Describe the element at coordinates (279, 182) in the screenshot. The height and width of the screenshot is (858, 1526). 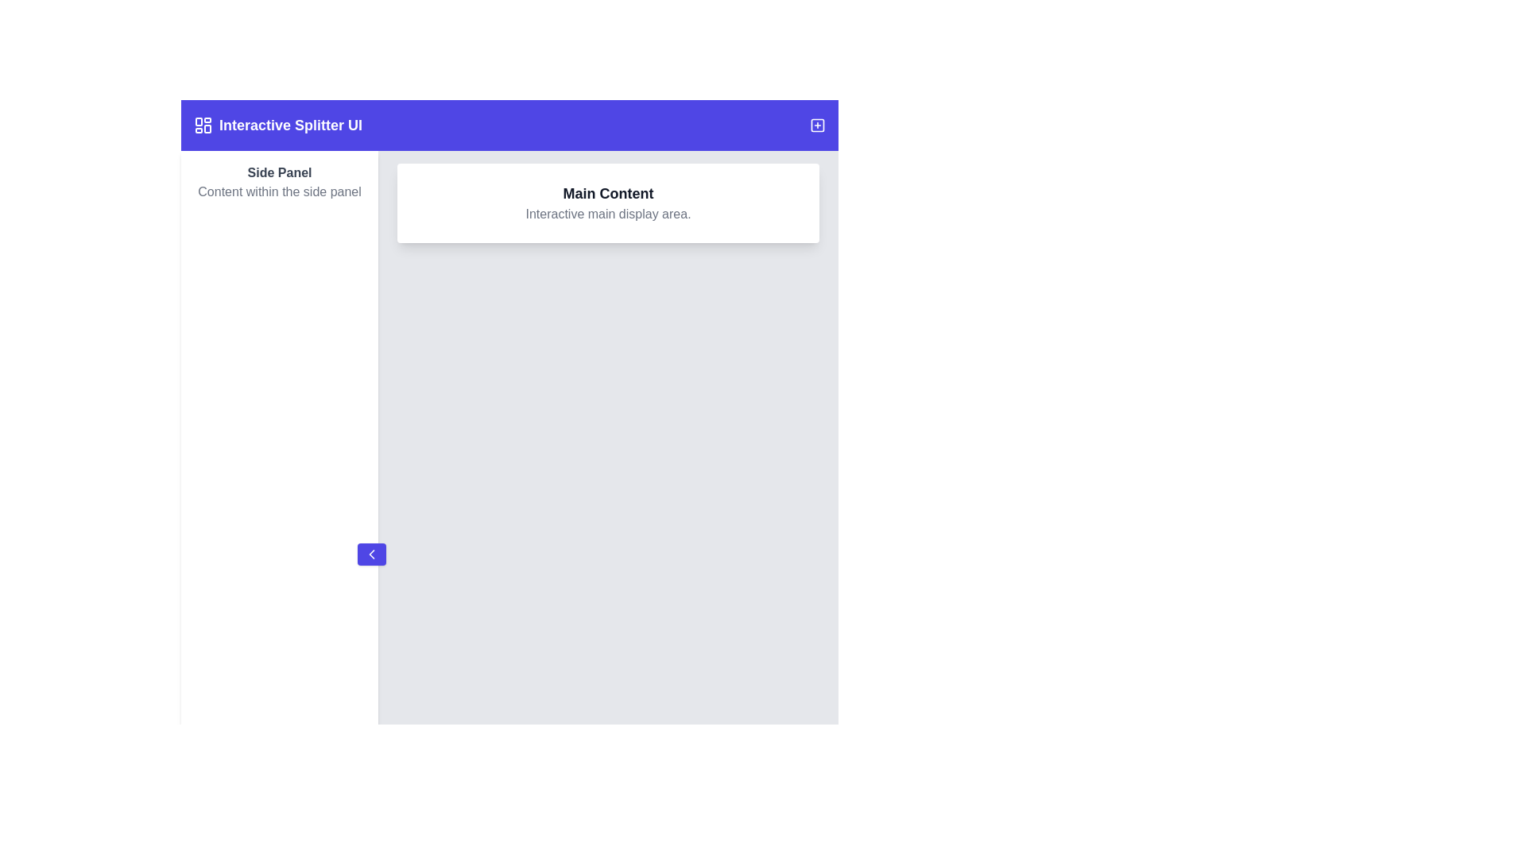
I see `the header and description Text block located at the top of the left side panel, which is styled as a white box with shadow effects` at that location.